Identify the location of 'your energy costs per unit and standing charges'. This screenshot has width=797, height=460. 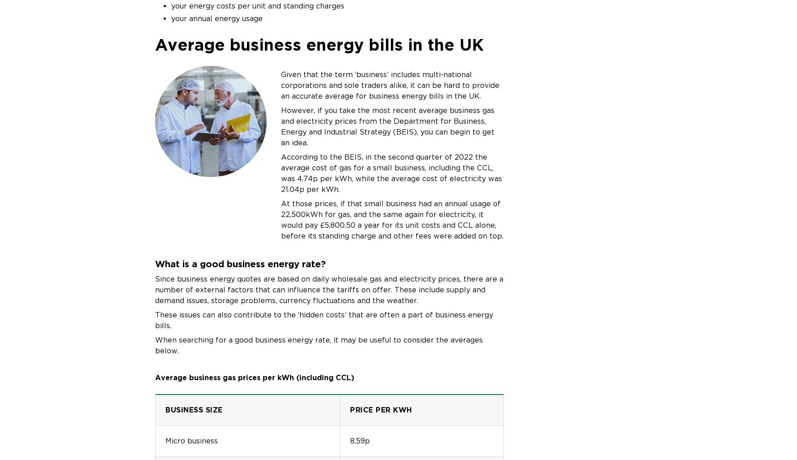
(171, 5).